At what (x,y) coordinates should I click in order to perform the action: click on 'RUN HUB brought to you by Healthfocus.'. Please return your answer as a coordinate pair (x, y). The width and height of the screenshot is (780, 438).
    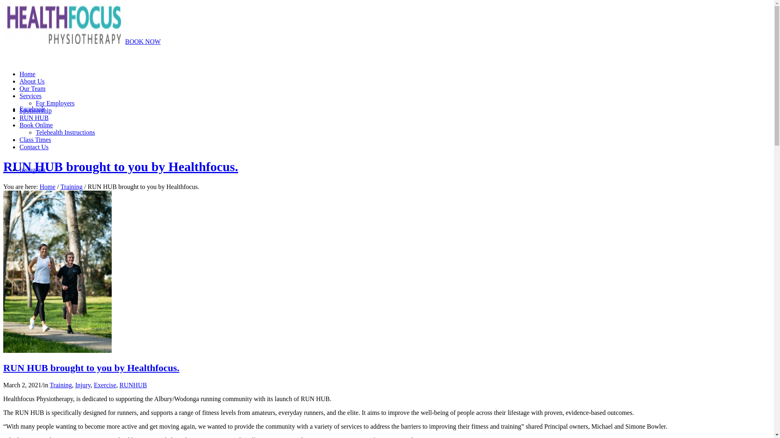
    Looking at the image, I should click on (57, 350).